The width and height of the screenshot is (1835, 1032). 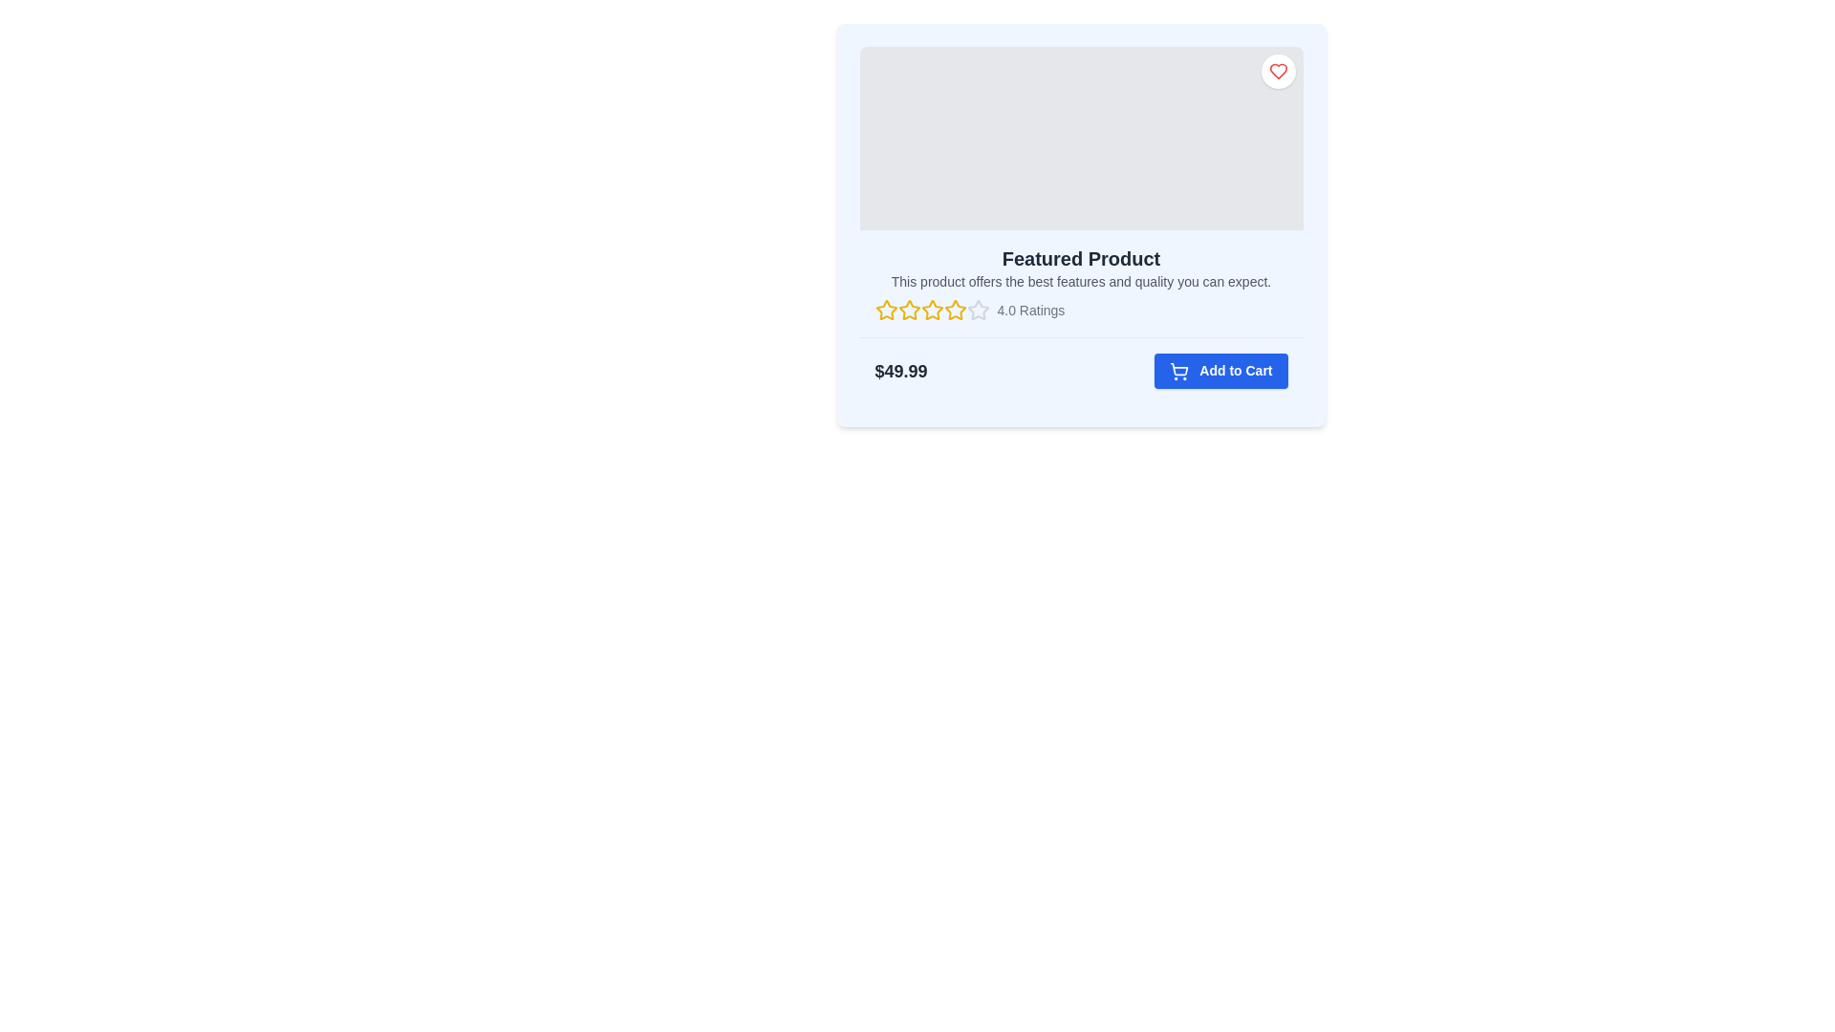 I want to click on textual information from the Informational Content Block that displays product information, including its name, description, and rating score, so click(x=1081, y=284).